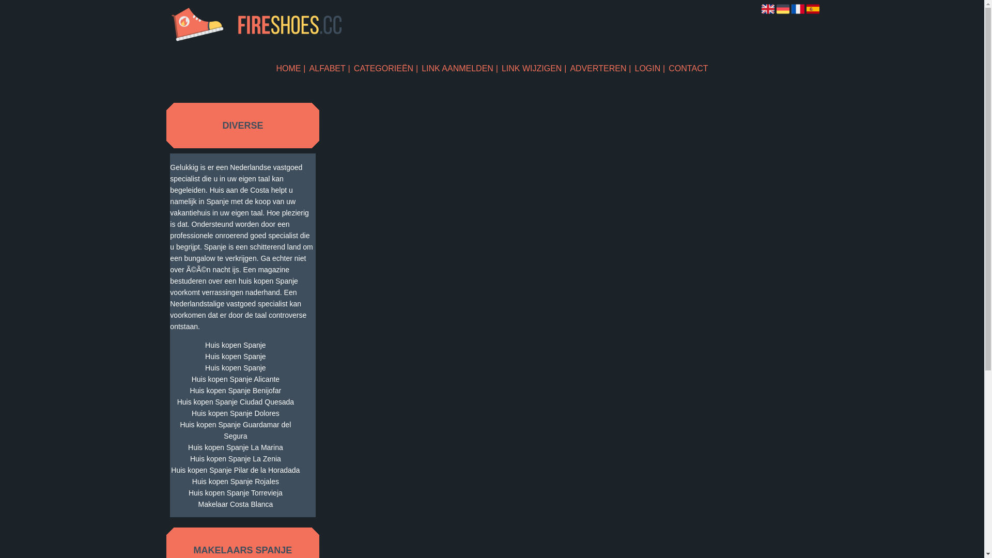  I want to click on 'Huis kopen Spanje Benijofar', so click(235, 391).